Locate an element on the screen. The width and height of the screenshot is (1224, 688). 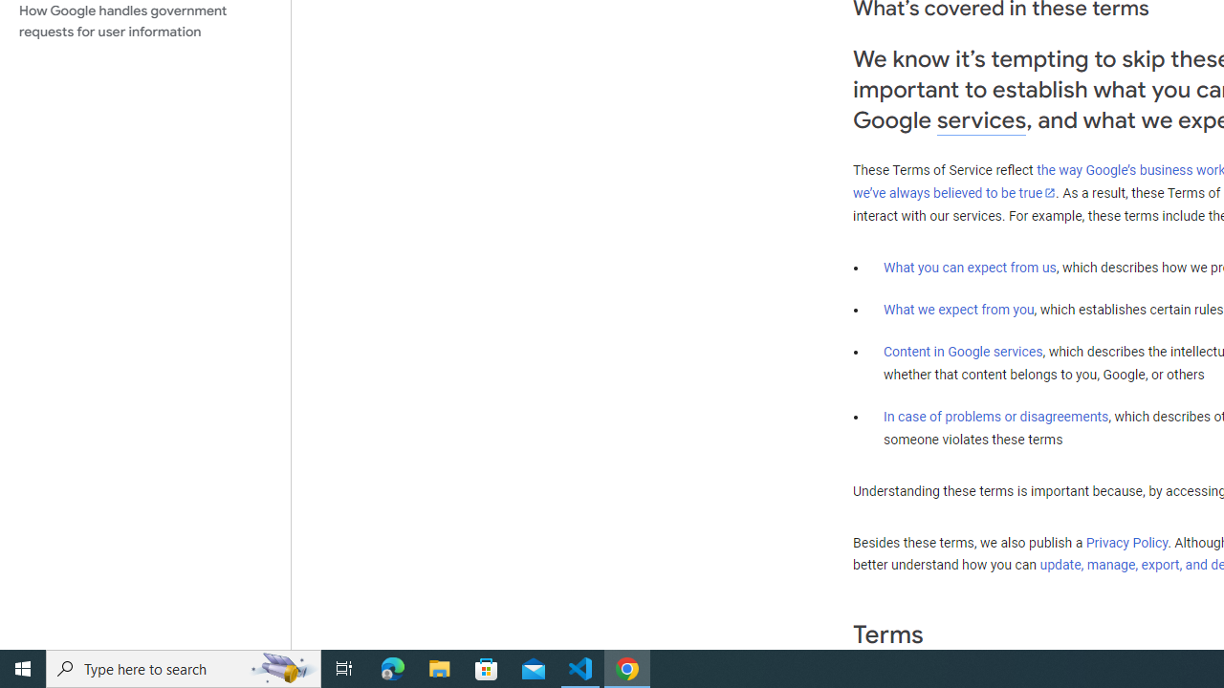
'What you can expect from us' is located at coordinates (970, 267).